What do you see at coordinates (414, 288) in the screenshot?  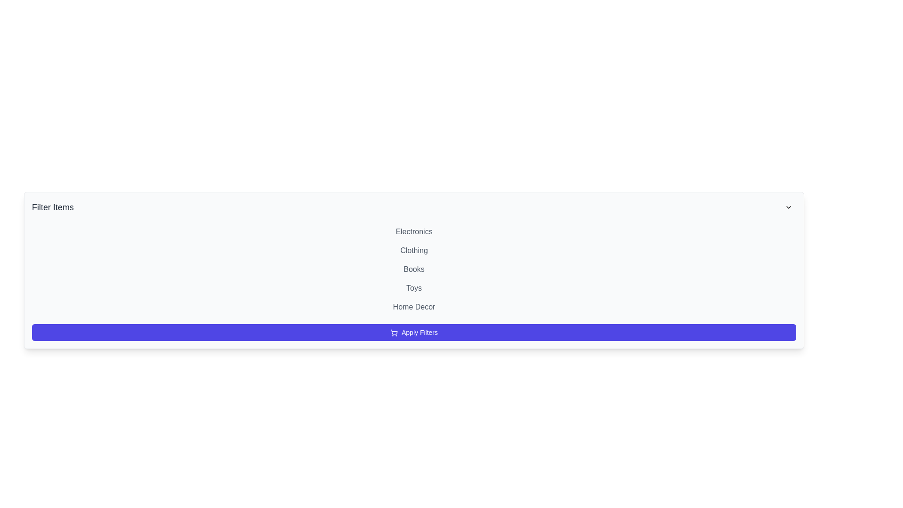 I see `the fourth list item in the vertical list that serves to filter items by the 'Toys' category, positioned between 'Books' and 'Home Decor'` at bounding box center [414, 288].